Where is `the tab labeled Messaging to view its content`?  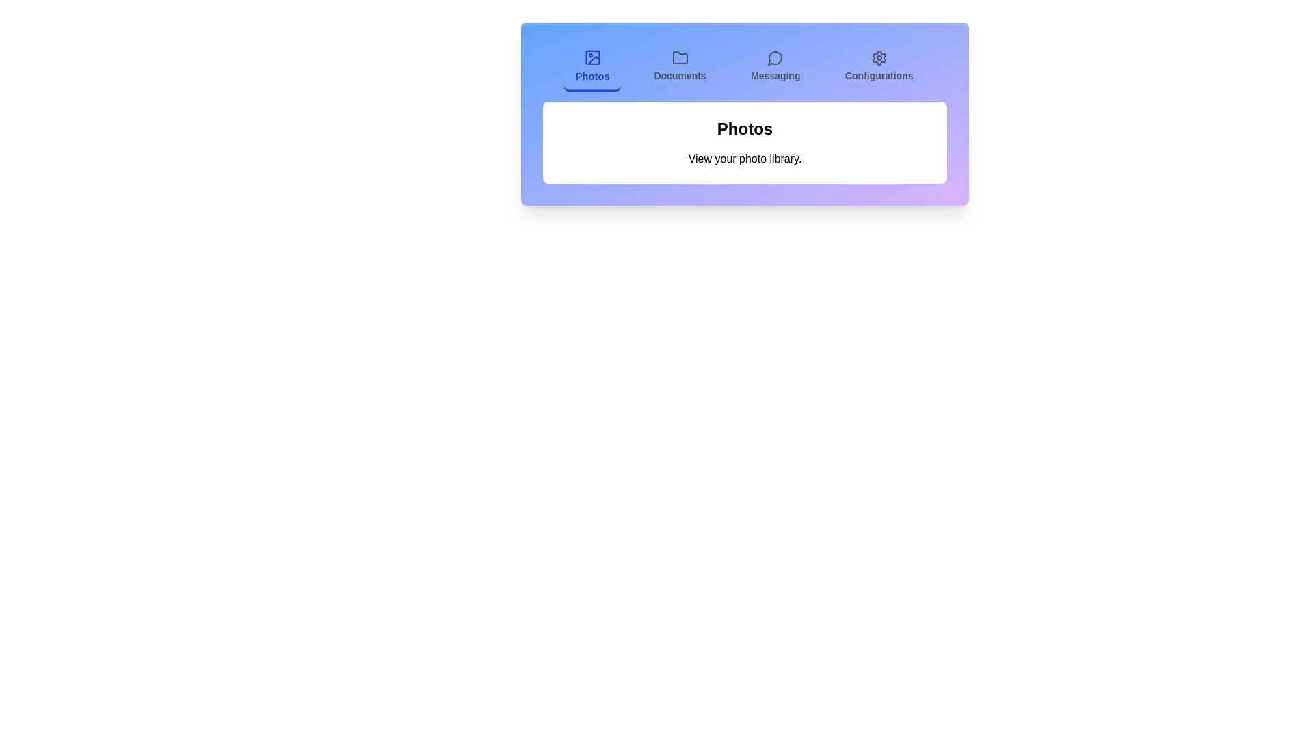 the tab labeled Messaging to view its content is located at coordinates (775, 68).